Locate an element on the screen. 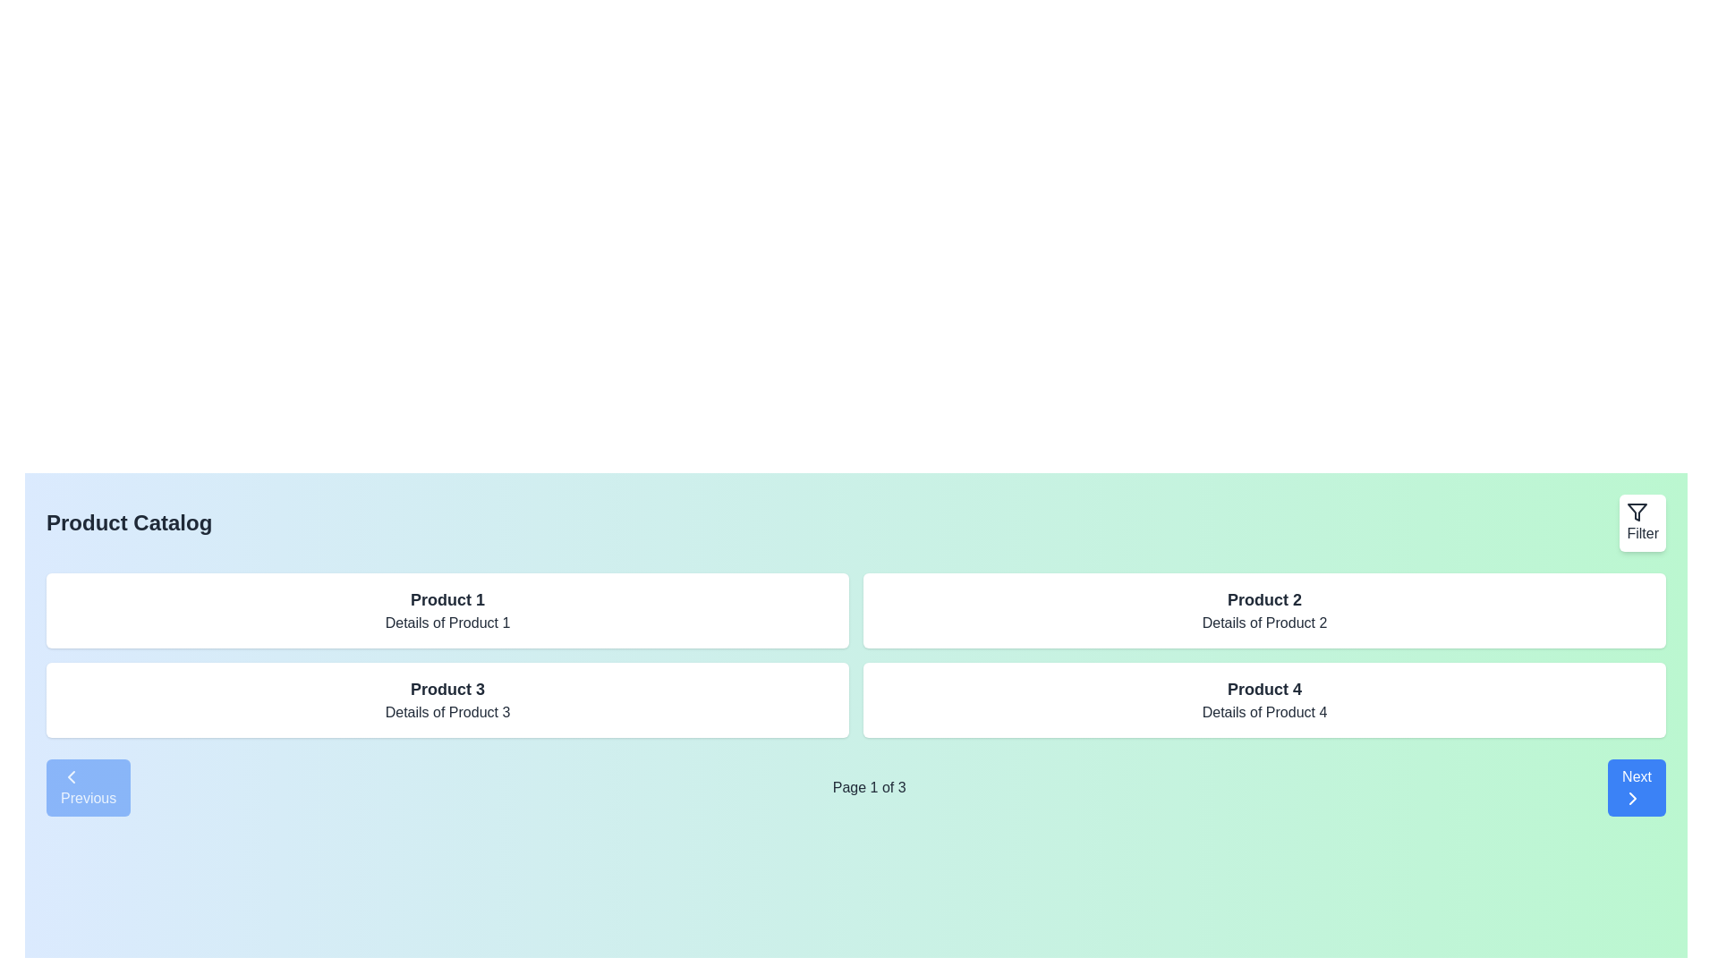  the title/header text element for 'Product 3' is located at coordinates (447, 689).